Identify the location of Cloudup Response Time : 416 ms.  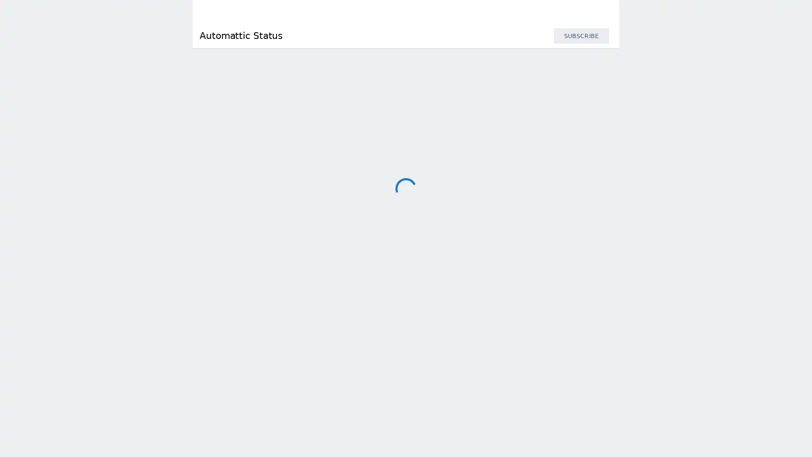
(354, 176).